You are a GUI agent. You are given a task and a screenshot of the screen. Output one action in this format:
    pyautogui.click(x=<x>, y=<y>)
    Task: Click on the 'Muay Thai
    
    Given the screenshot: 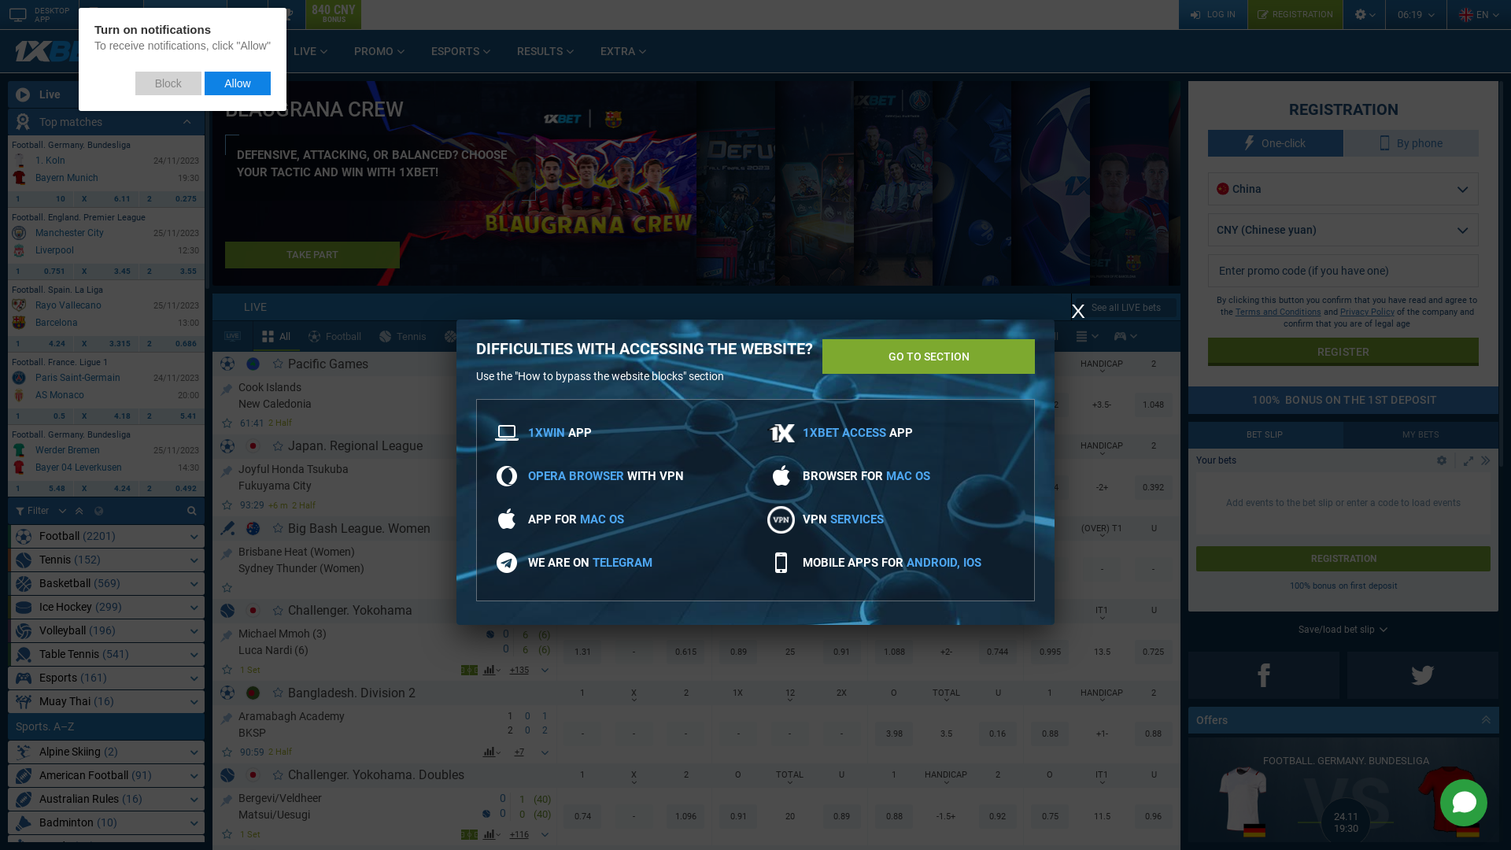 What is the action you would take?
    pyautogui.click(x=105, y=700)
    